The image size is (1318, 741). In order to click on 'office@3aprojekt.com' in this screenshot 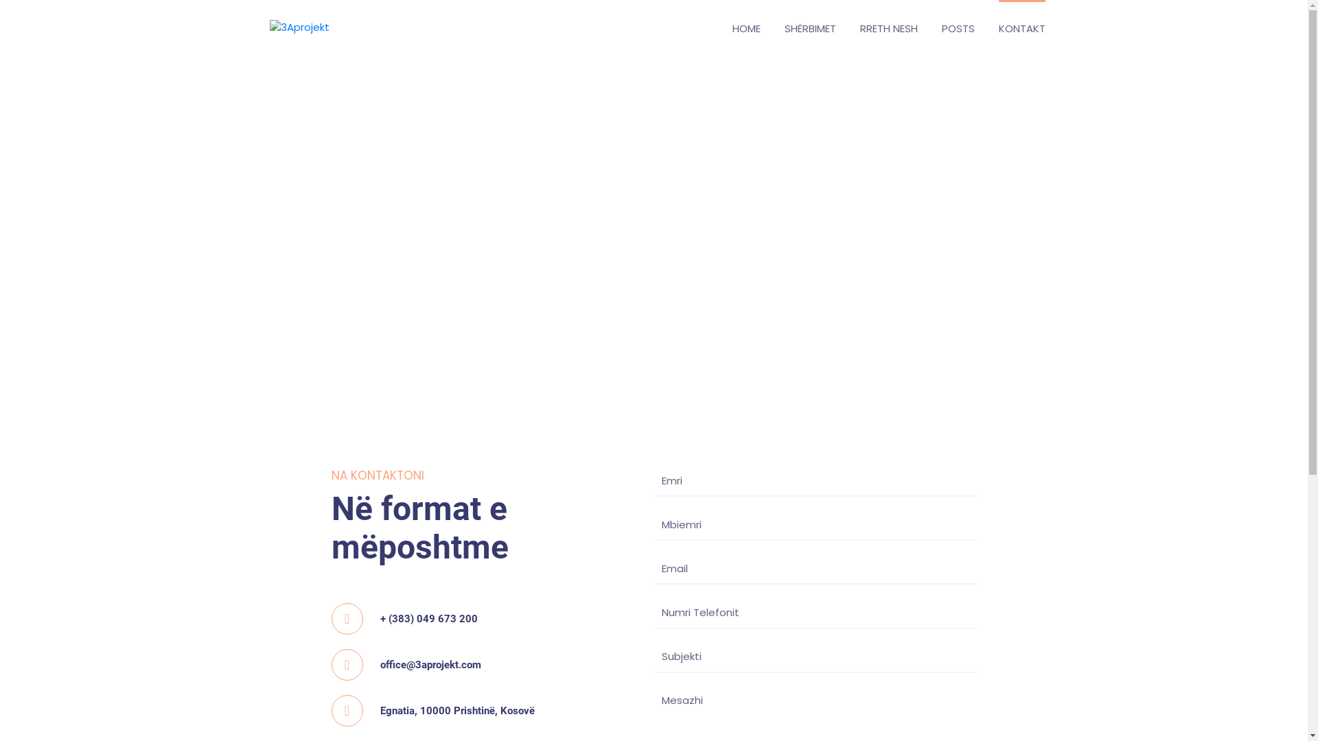, I will do `click(430, 663)`.